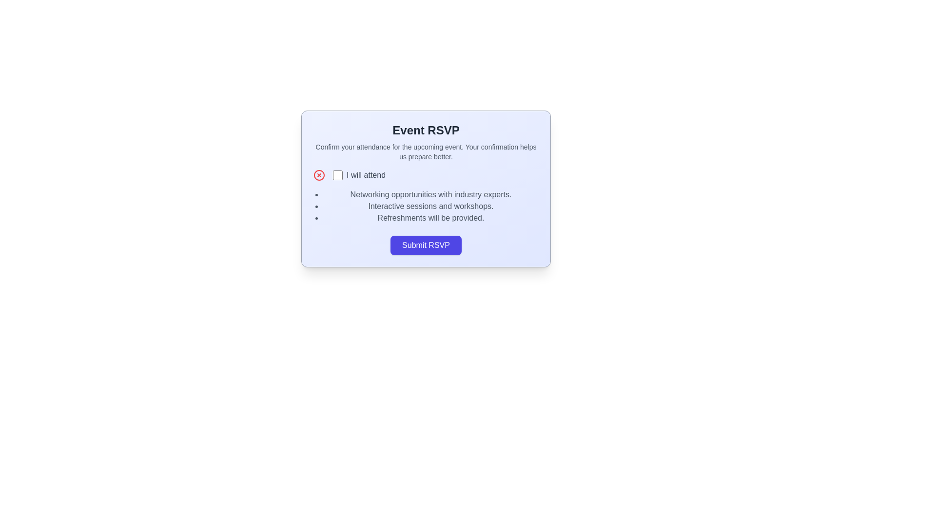  I want to click on the text 'Interactive sessions and workshops.' which is the second item, so click(430, 206).